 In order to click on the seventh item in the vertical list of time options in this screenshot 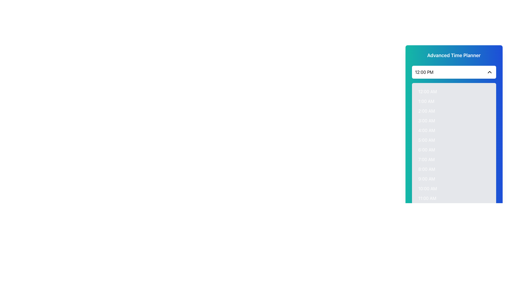, I will do `click(454, 159)`.